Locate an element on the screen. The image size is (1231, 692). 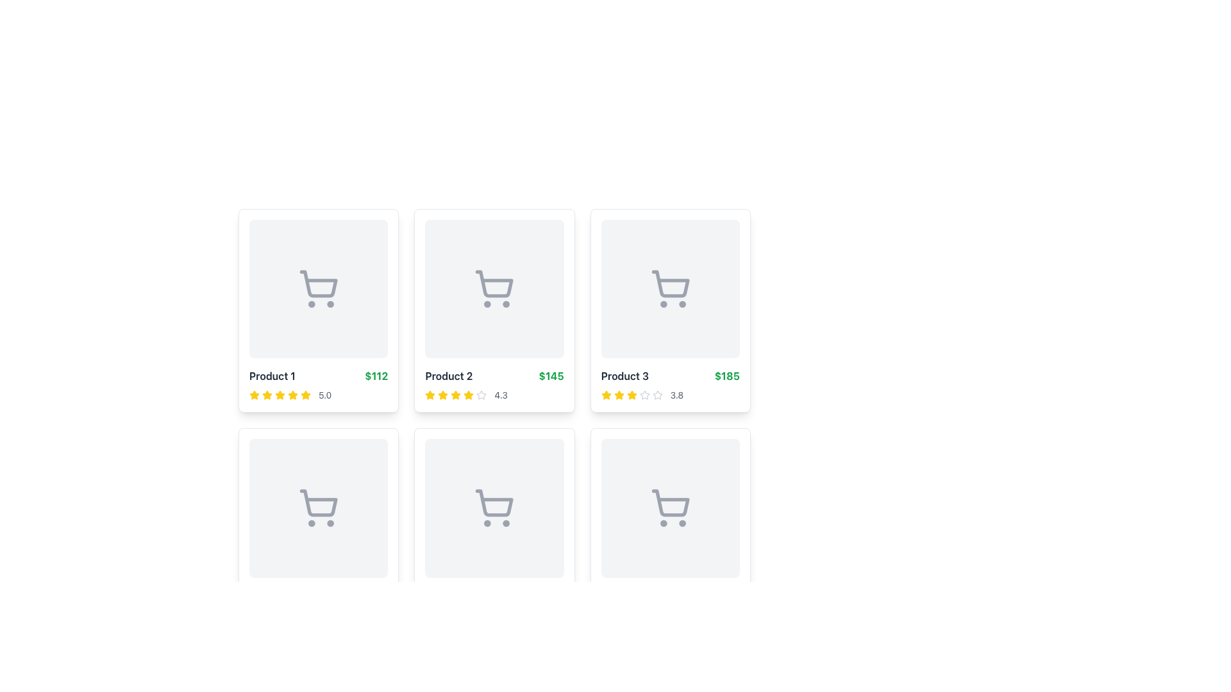
the Rating star icon for 'Product 3', which is the third star in the top right corner of the product card grid is located at coordinates (605, 395).